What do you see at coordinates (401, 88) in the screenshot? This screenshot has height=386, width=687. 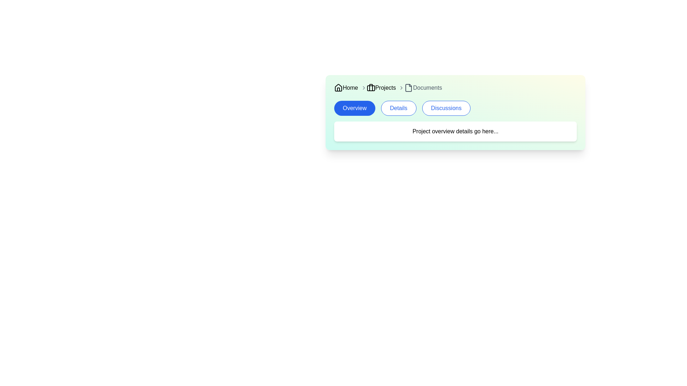 I see `the Rightward-Pointing Chevron Separator Icon located between the 'Projects' and 'Documents' labels in the breadcrumb navigation bar` at bounding box center [401, 88].